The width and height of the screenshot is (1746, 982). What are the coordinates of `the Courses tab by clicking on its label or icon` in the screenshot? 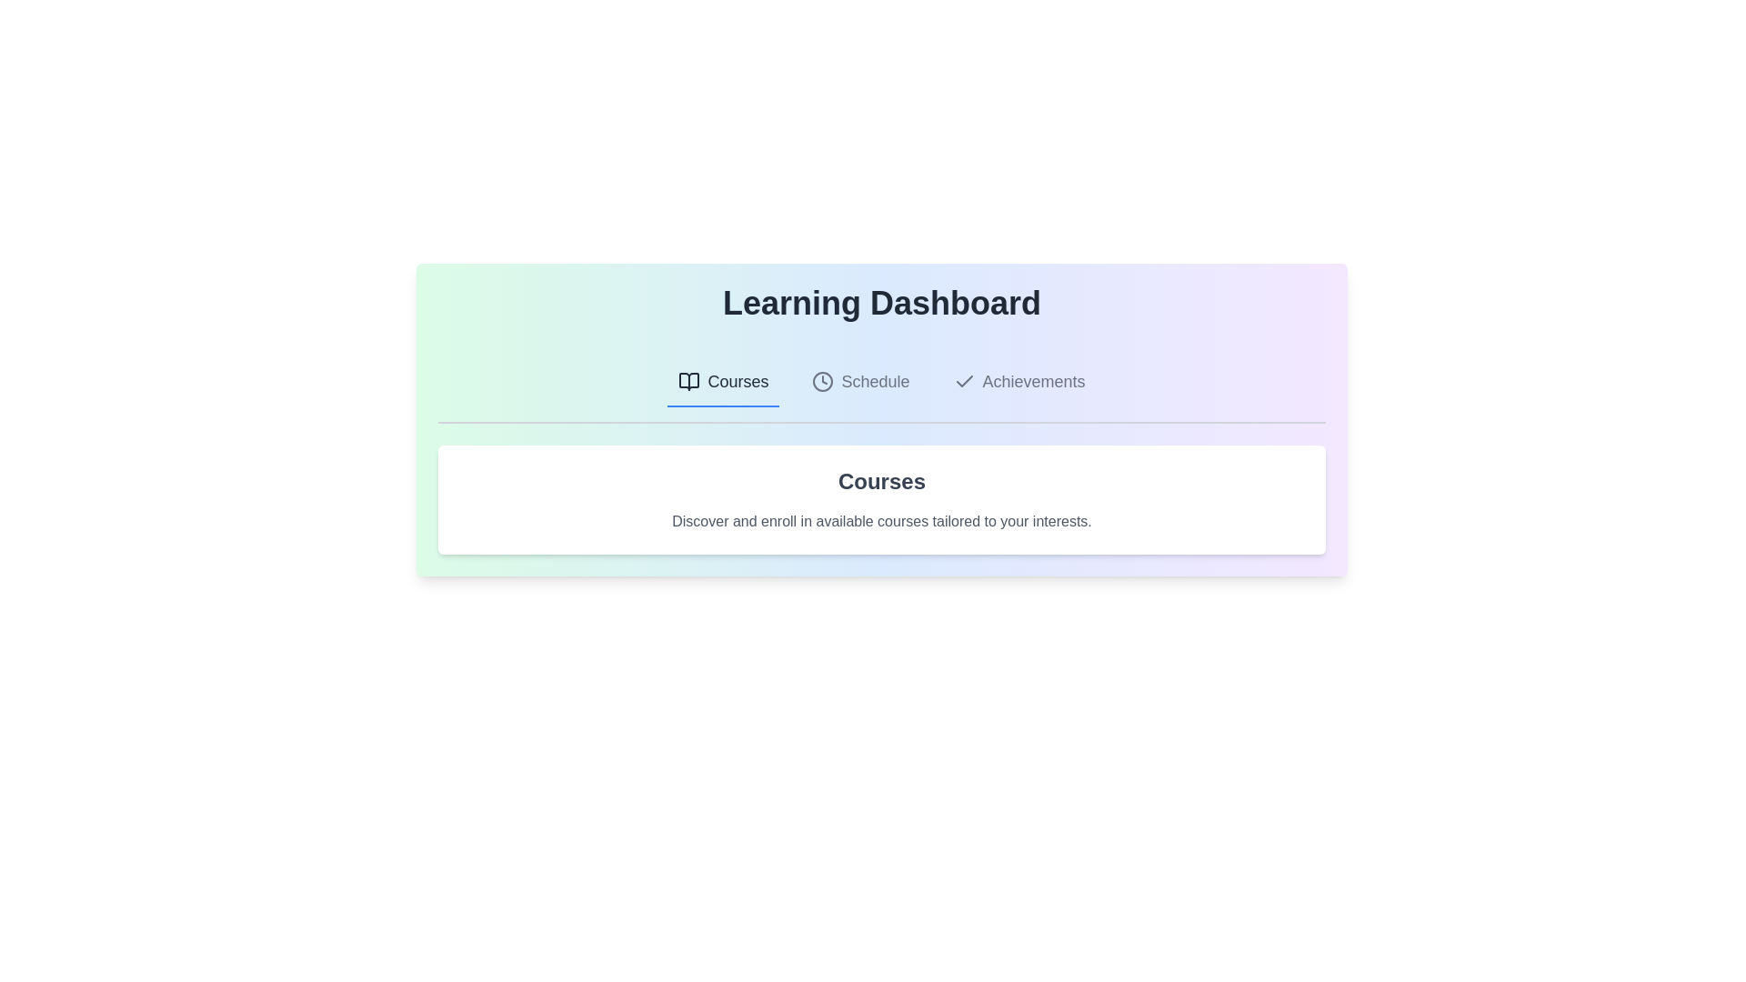 It's located at (723, 381).